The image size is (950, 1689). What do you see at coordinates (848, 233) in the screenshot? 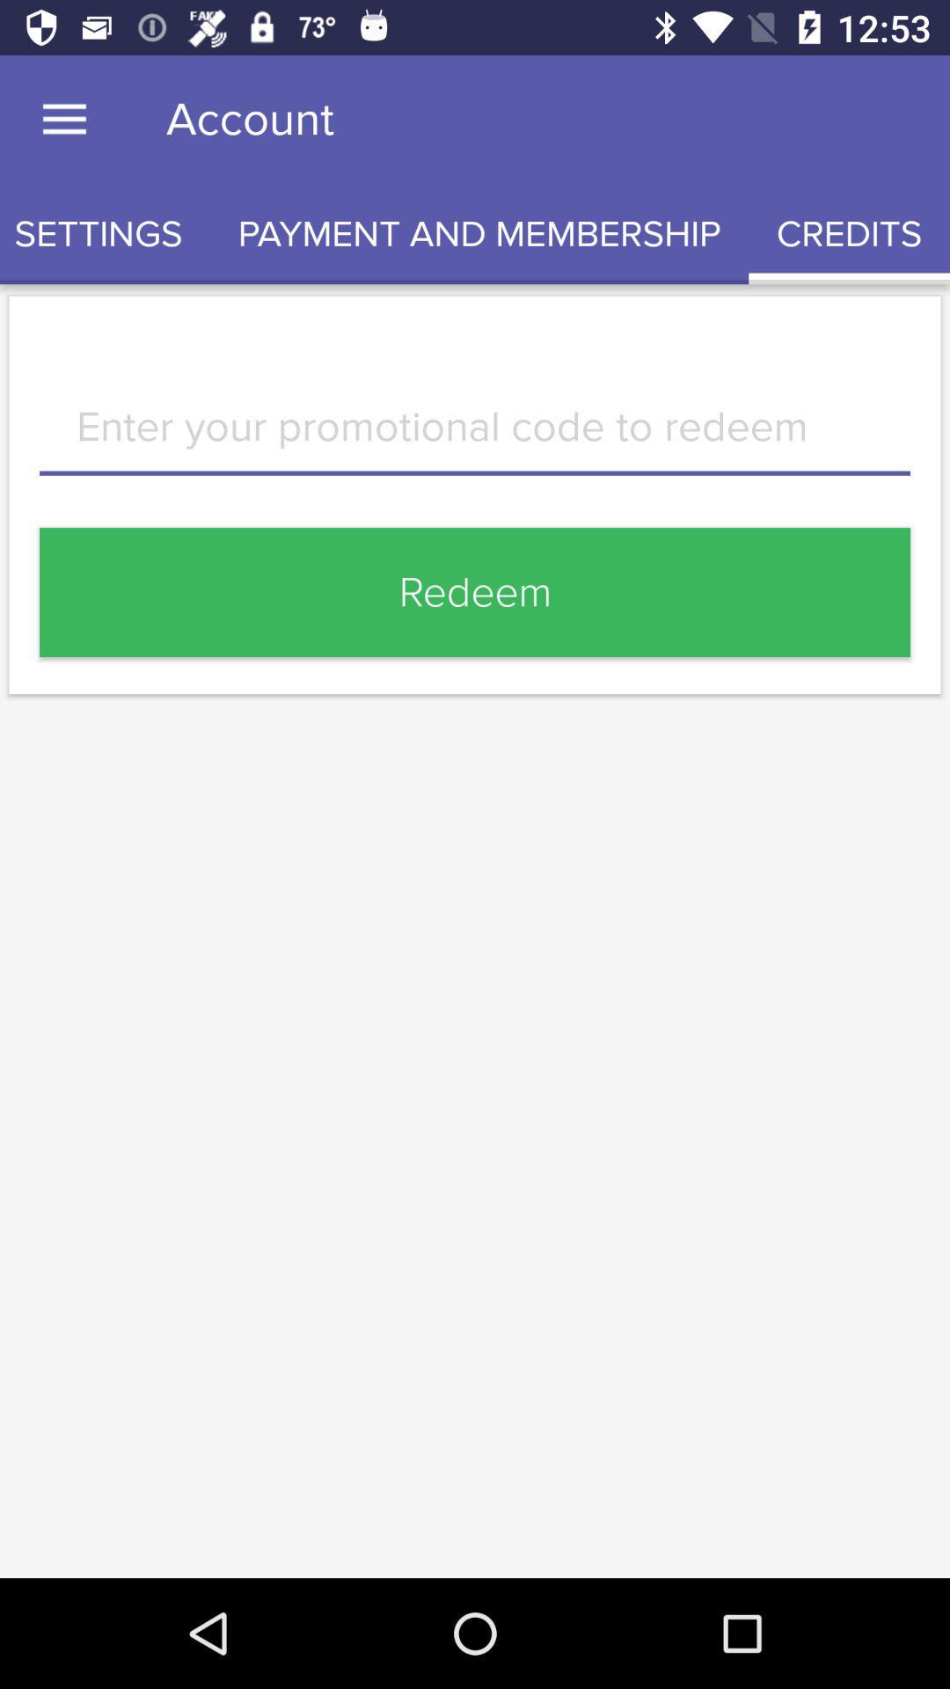
I see `credits` at bounding box center [848, 233].